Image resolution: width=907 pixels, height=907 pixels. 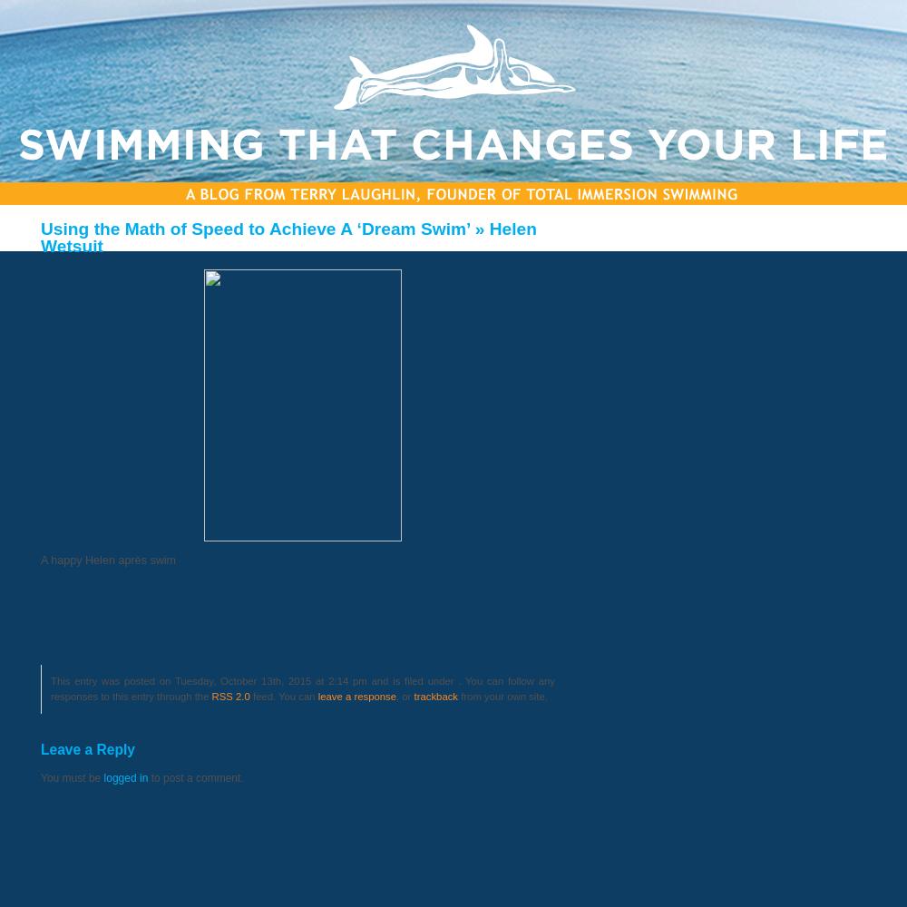 What do you see at coordinates (288, 237) in the screenshot?
I see `'» Helen Wetsuit'` at bounding box center [288, 237].